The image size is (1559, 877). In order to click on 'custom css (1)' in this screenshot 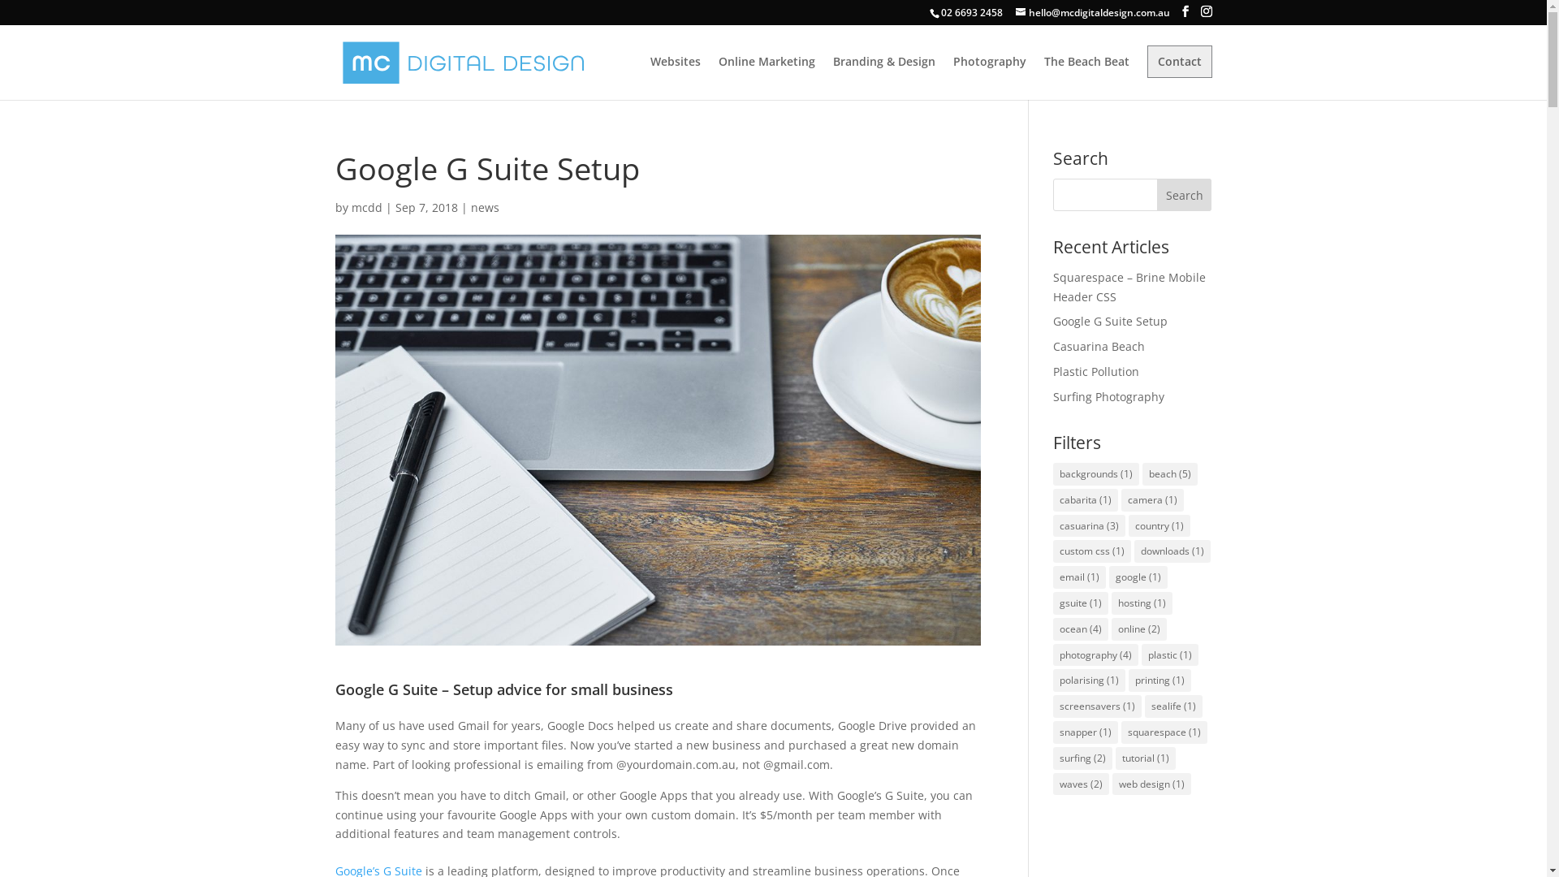, I will do `click(1091, 550)`.